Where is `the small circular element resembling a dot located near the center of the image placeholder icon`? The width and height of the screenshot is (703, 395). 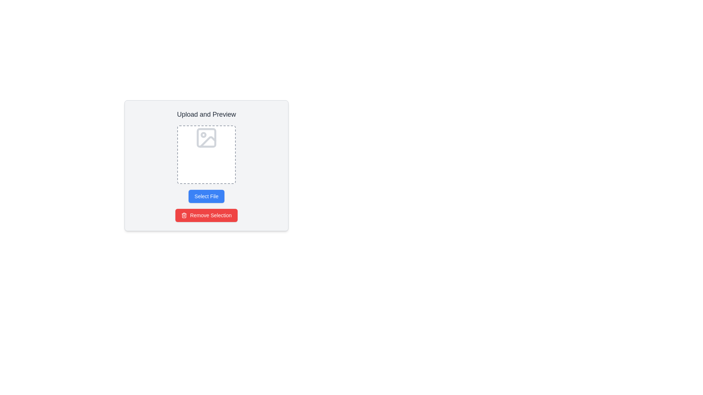
the small circular element resembling a dot located near the center of the image placeholder icon is located at coordinates (204, 135).